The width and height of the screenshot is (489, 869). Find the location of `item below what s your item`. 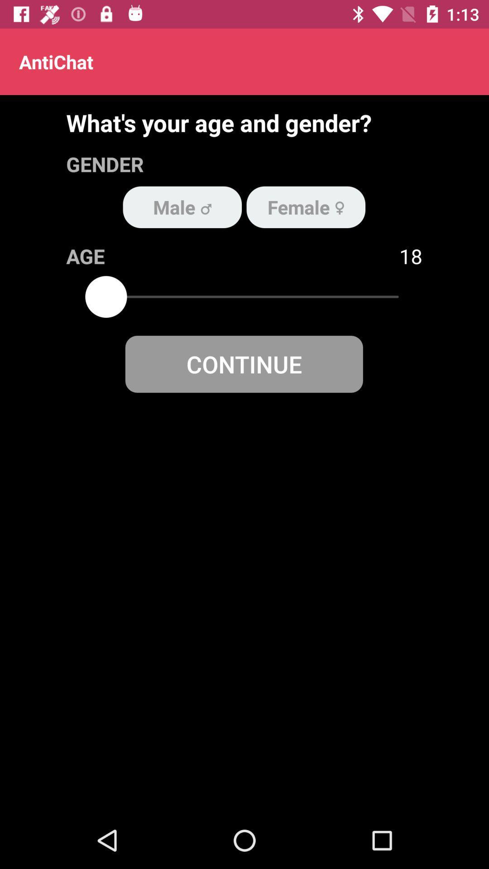

item below what s your item is located at coordinates (306, 206).